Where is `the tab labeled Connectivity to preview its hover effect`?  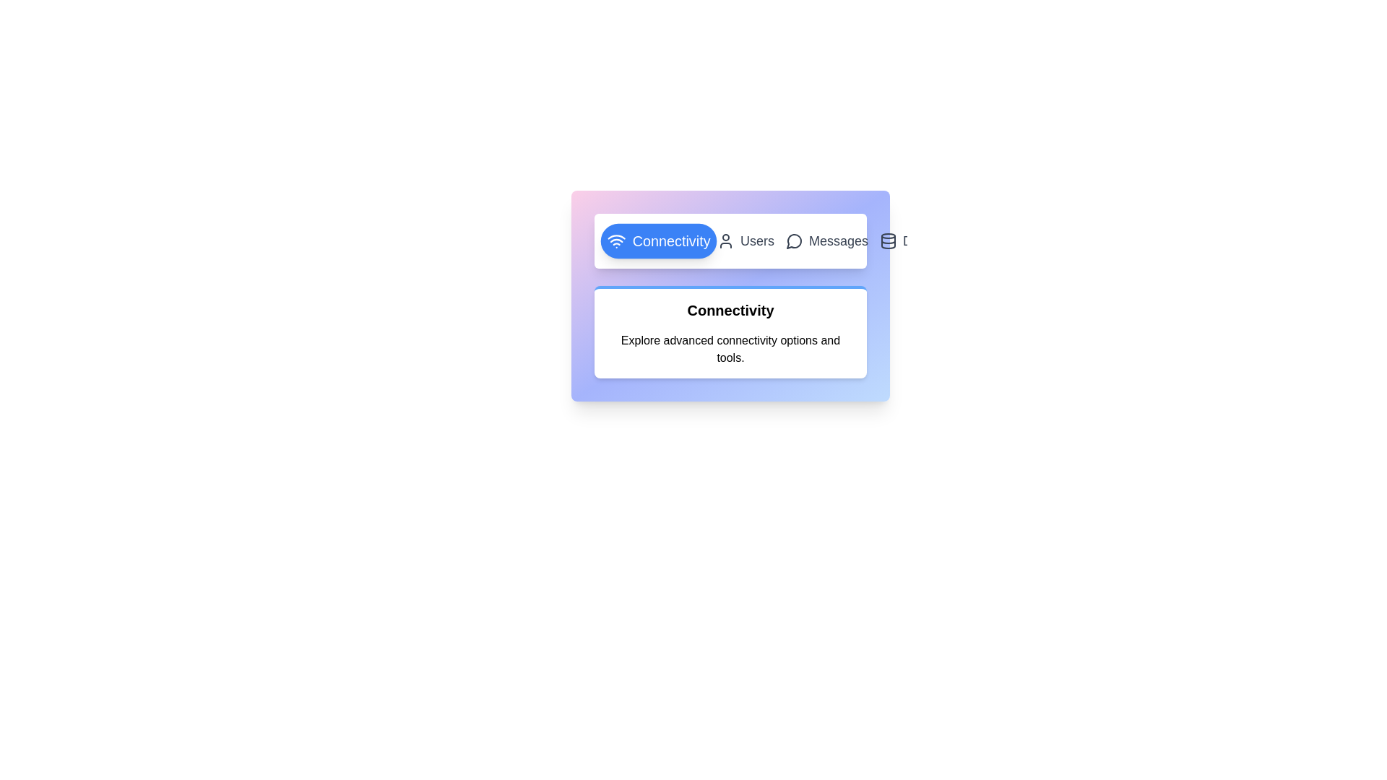
the tab labeled Connectivity to preview its hover effect is located at coordinates (658, 240).